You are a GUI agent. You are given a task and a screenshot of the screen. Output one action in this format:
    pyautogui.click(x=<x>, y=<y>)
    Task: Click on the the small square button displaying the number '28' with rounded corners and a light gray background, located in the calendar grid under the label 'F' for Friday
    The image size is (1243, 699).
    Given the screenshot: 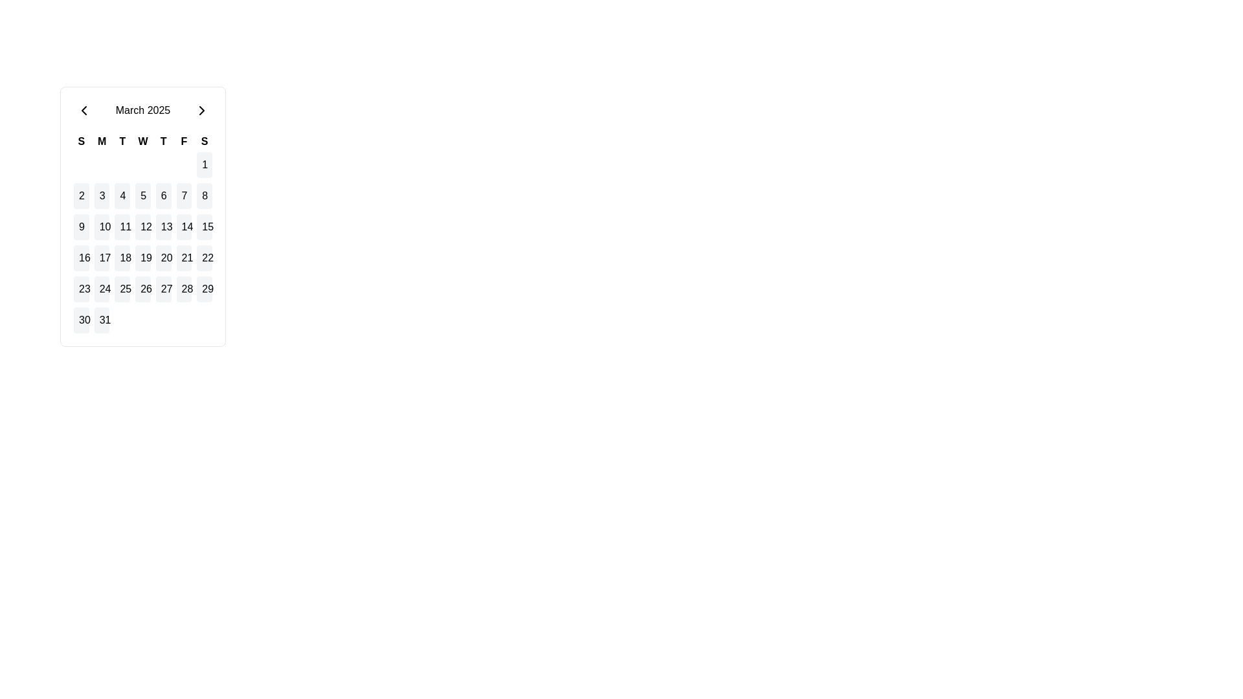 What is the action you would take?
    pyautogui.click(x=183, y=289)
    